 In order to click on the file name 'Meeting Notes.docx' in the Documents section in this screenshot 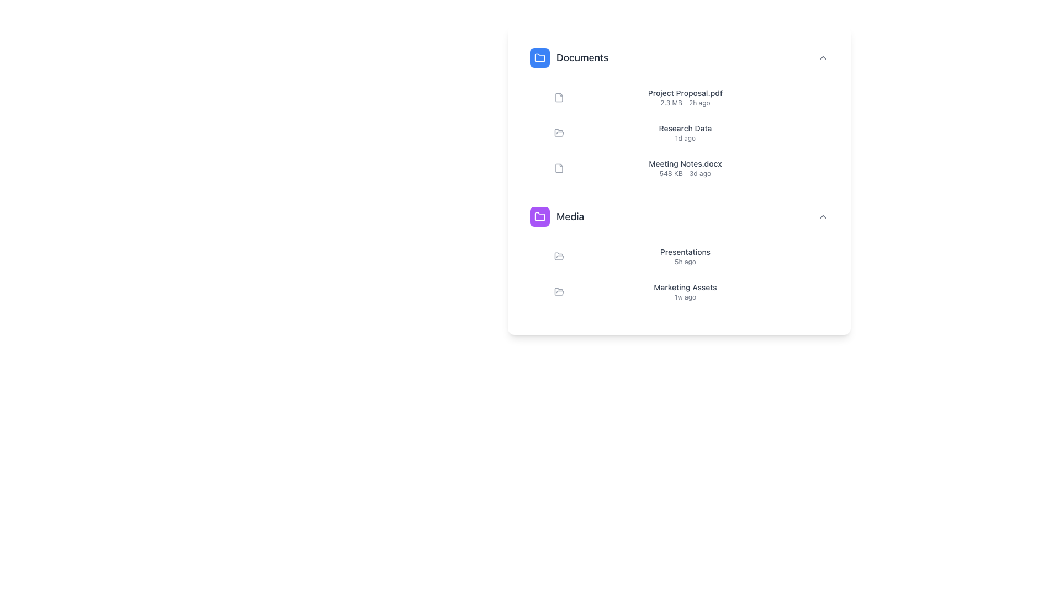, I will do `click(685, 168)`.